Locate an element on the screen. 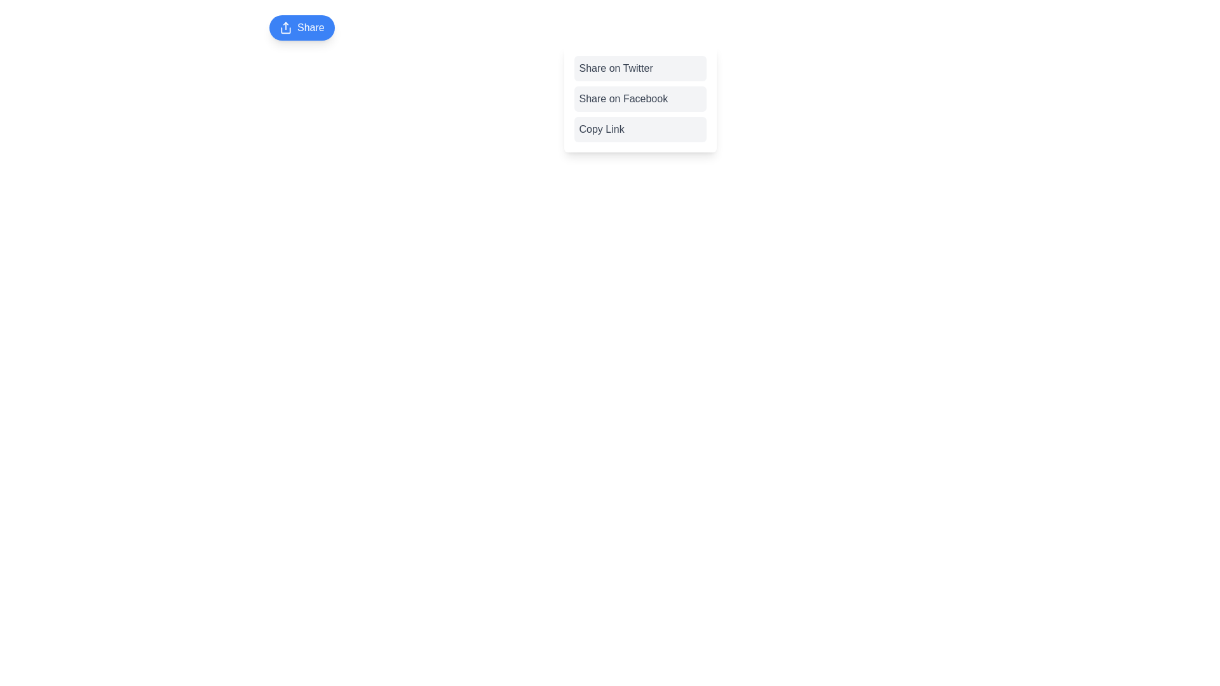 Image resolution: width=1220 pixels, height=686 pixels. the Dropdown Menu located just below the 'Share' button is located at coordinates (640, 98).